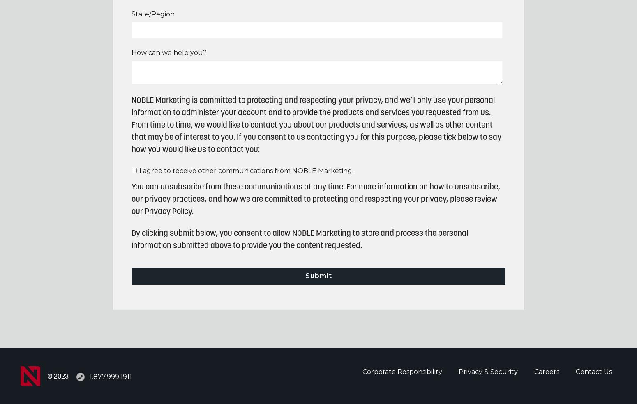  I want to click on 'I agree to receive other communications from NOBLE Marketing.', so click(246, 170).